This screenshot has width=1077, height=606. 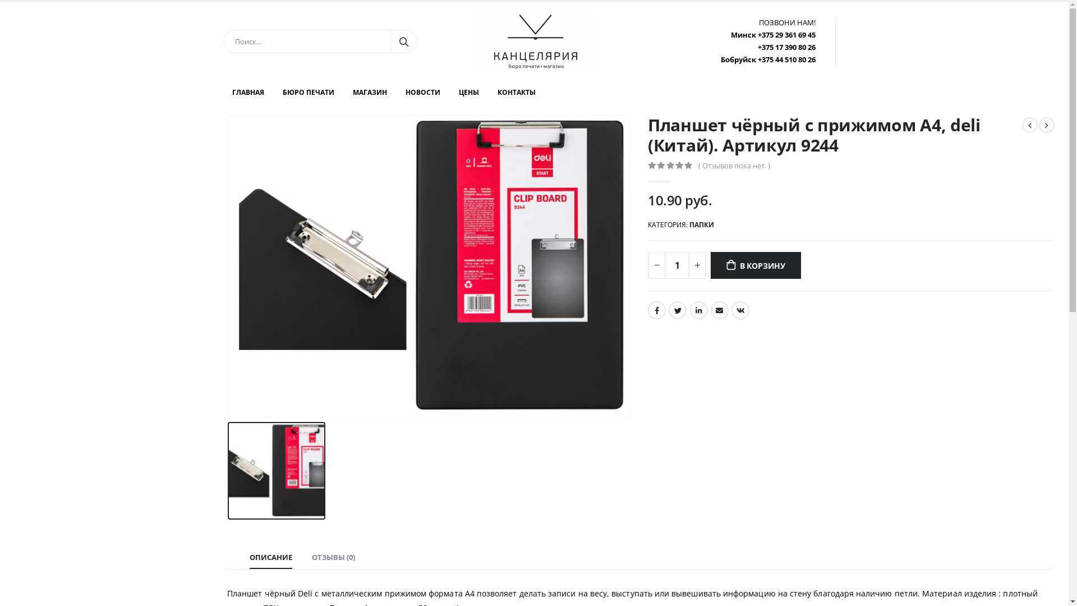 What do you see at coordinates (698, 310) in the screenshot?
I see `'LinkedIn'` at bounding box center [698, 310].